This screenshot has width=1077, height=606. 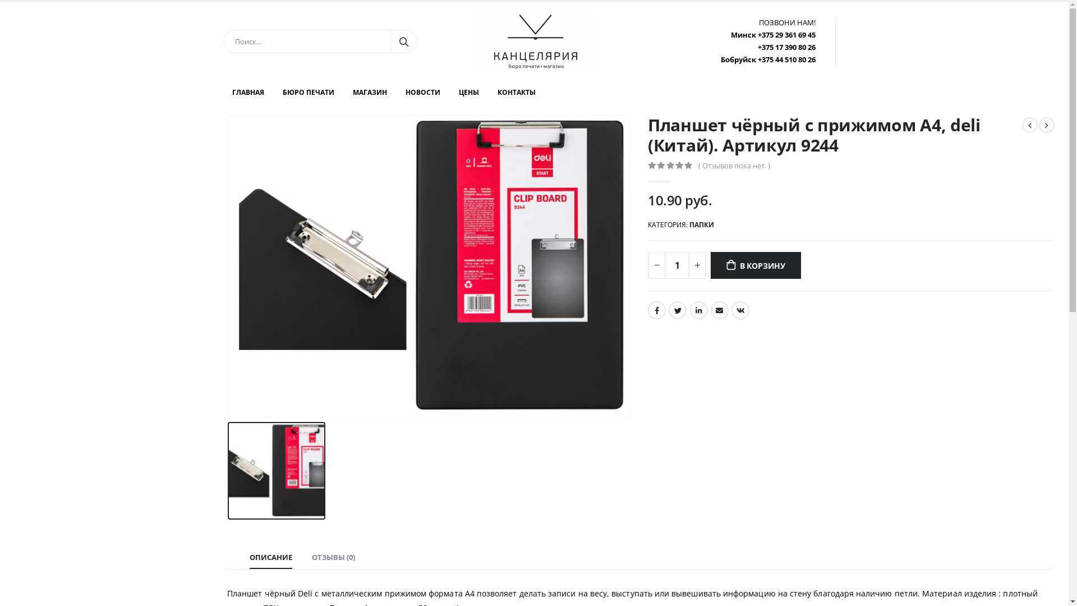 What do you see at coordinates (698, 310) in the screenshot?
I see `'LinkedIn'` at bounding box center [698, 310].